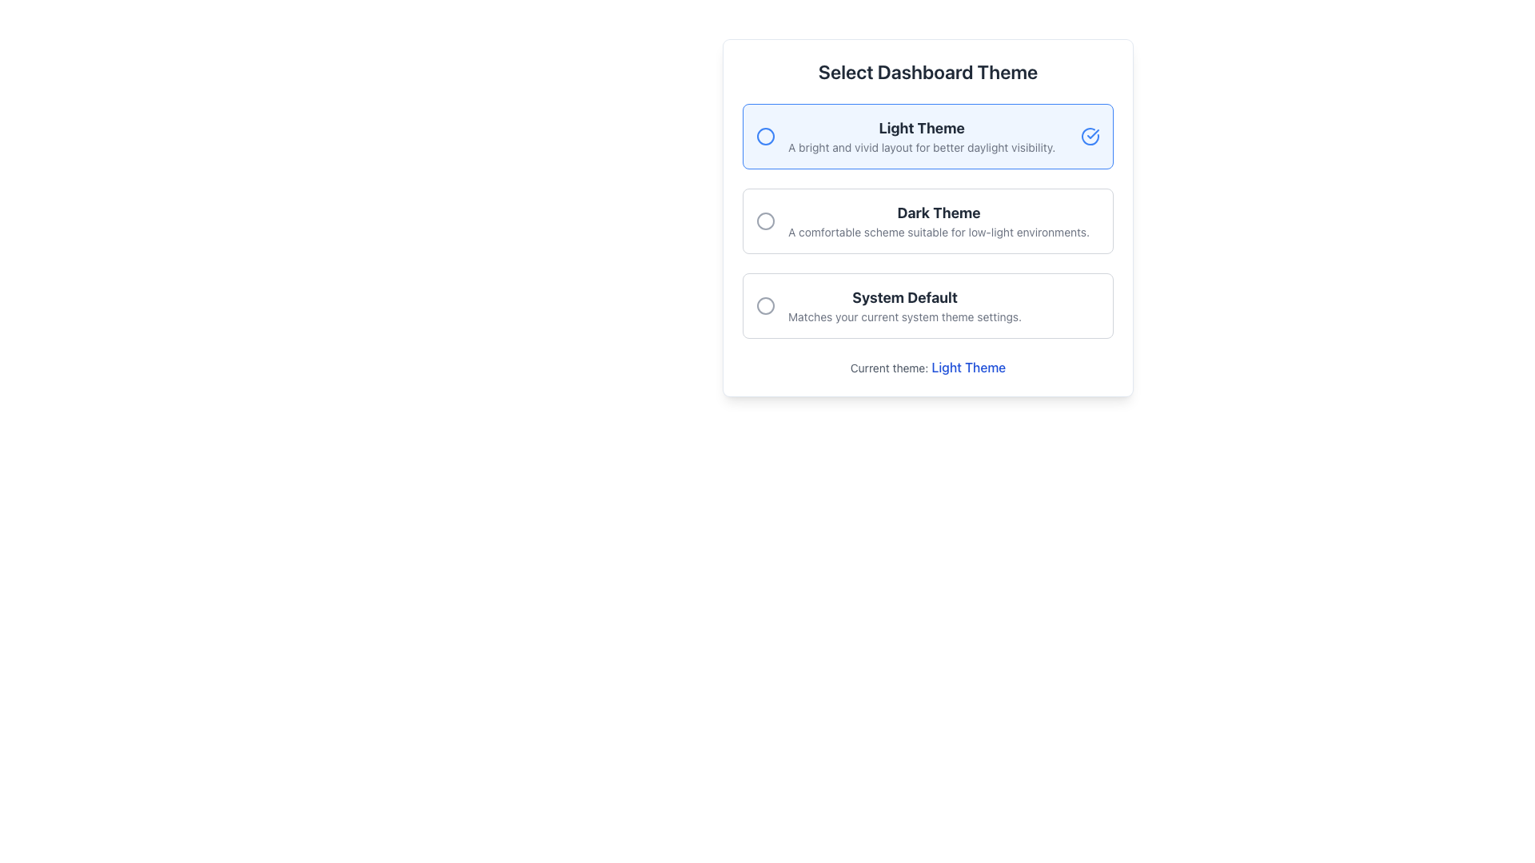  I want to click on the graphical indicator located in the top-left corner of the 'Light Theme' option in the theme selection interface, so click(765, 135).